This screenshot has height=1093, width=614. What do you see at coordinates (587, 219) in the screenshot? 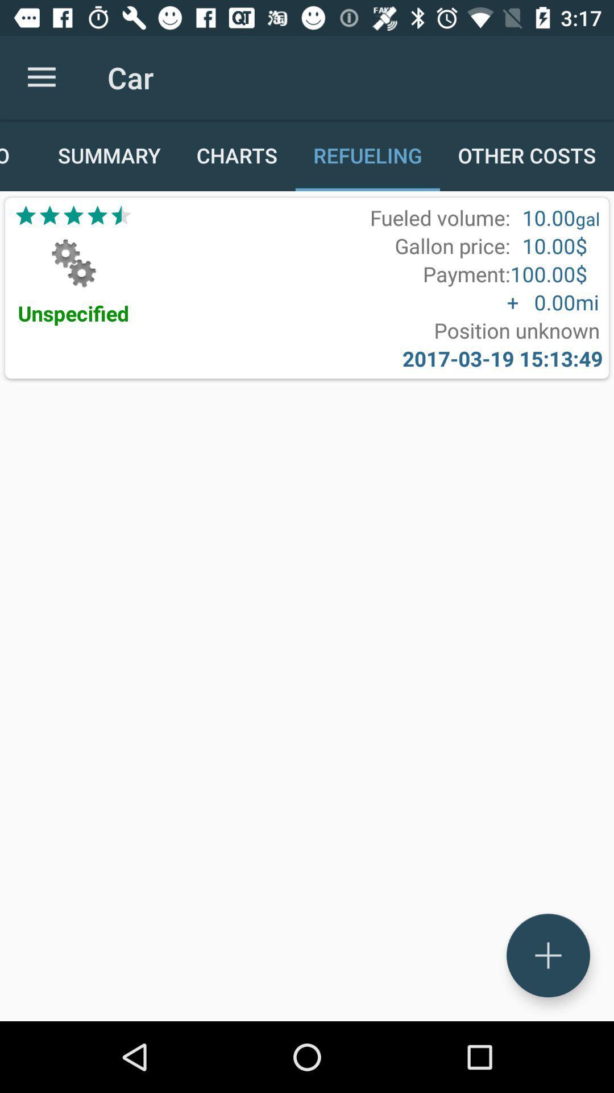
I see `icon next to  10.00 item` at bounding box center [587, 219].